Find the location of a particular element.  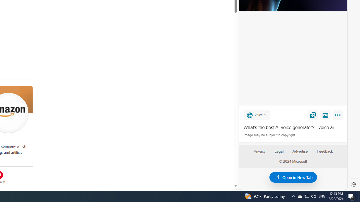

'Image may be subject to copyright.' is located at coordinates (270, 135).